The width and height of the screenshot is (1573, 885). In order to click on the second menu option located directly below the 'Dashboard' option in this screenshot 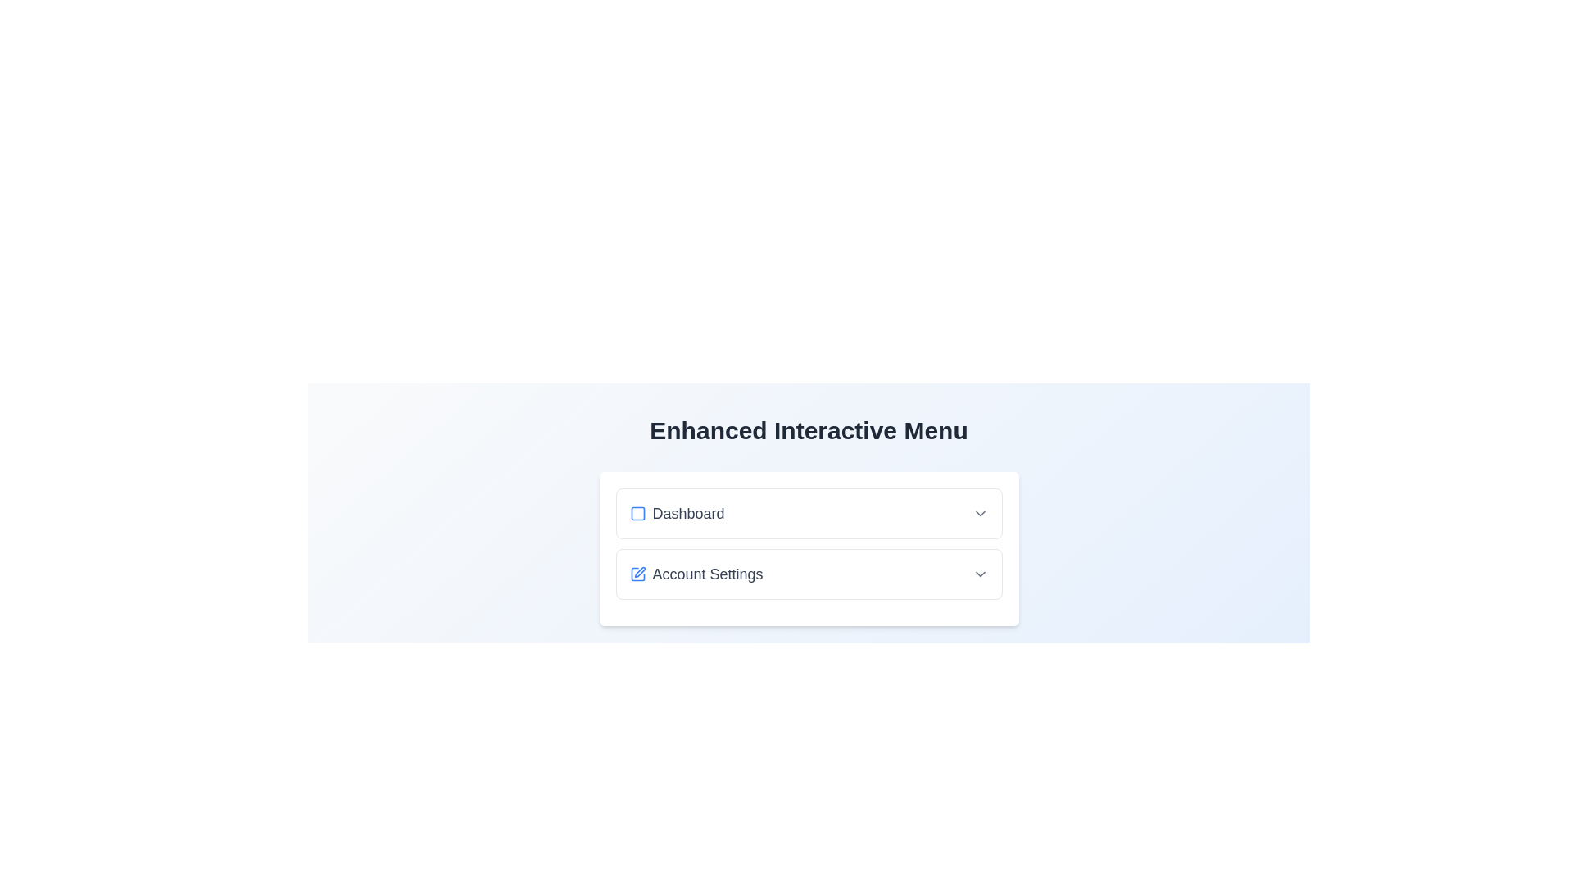, I will do `click(809, 574)`.